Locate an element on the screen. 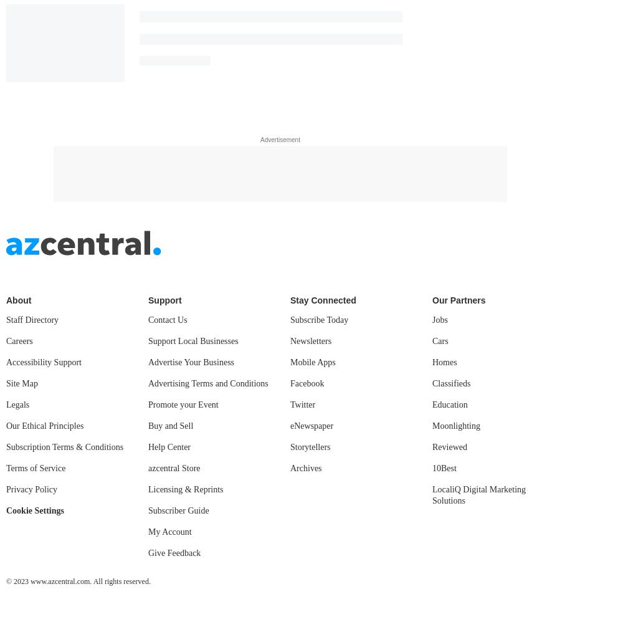 This screenshot has width=623, height=632. 'Give Feedback' is located at coordinates (174, 552).